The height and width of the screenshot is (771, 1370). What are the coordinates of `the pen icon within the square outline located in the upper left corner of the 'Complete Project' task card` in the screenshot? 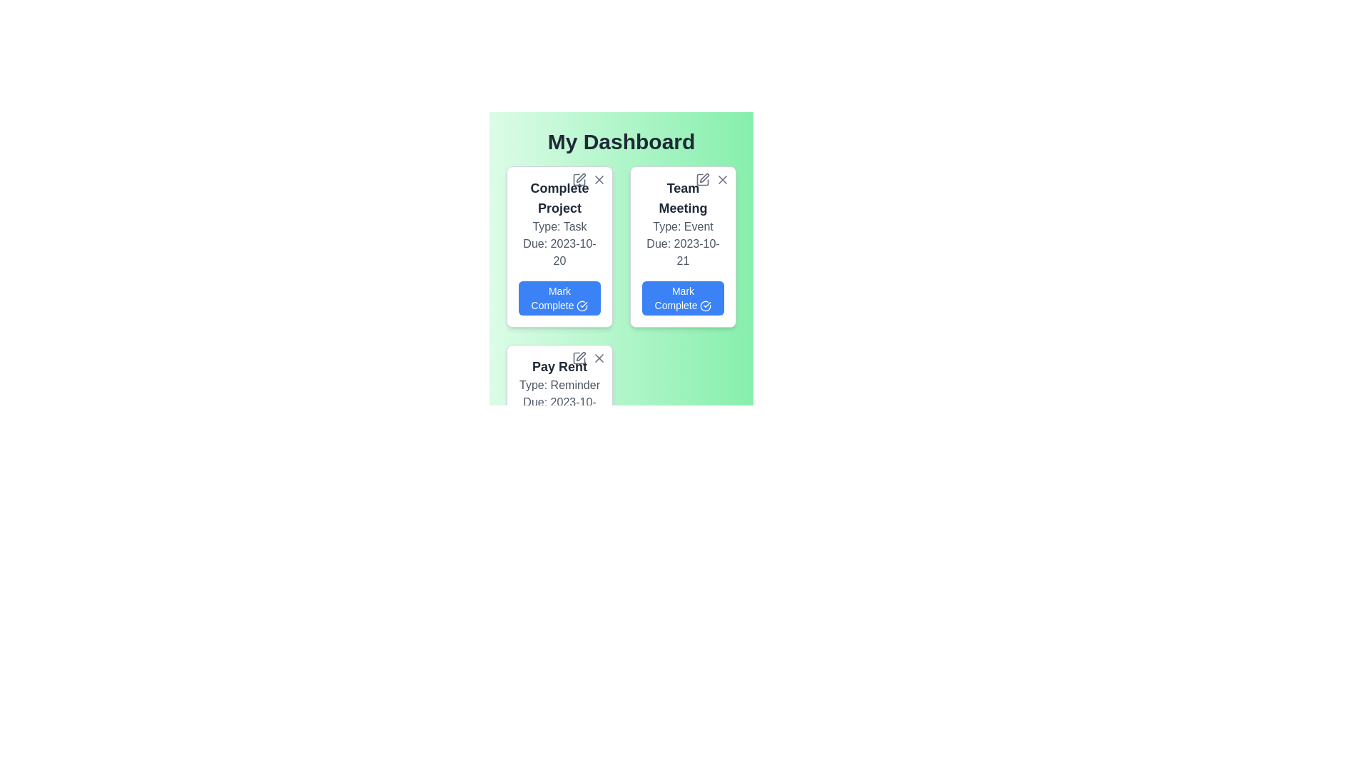 It's located at (579, 178).